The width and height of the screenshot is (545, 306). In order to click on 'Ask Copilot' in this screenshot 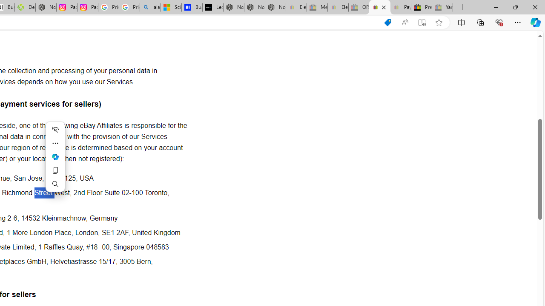, I will do `click(54, 156)`.